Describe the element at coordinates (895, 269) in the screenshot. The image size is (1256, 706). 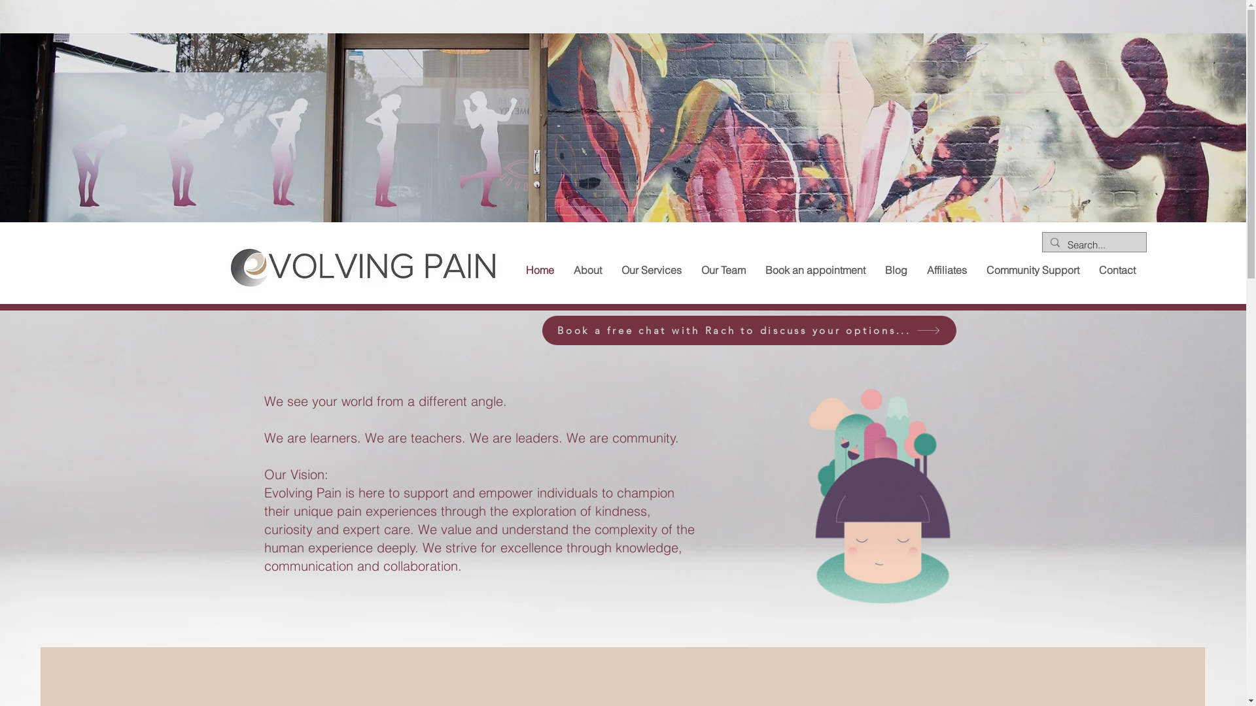
I see `'Blog'` at that location.